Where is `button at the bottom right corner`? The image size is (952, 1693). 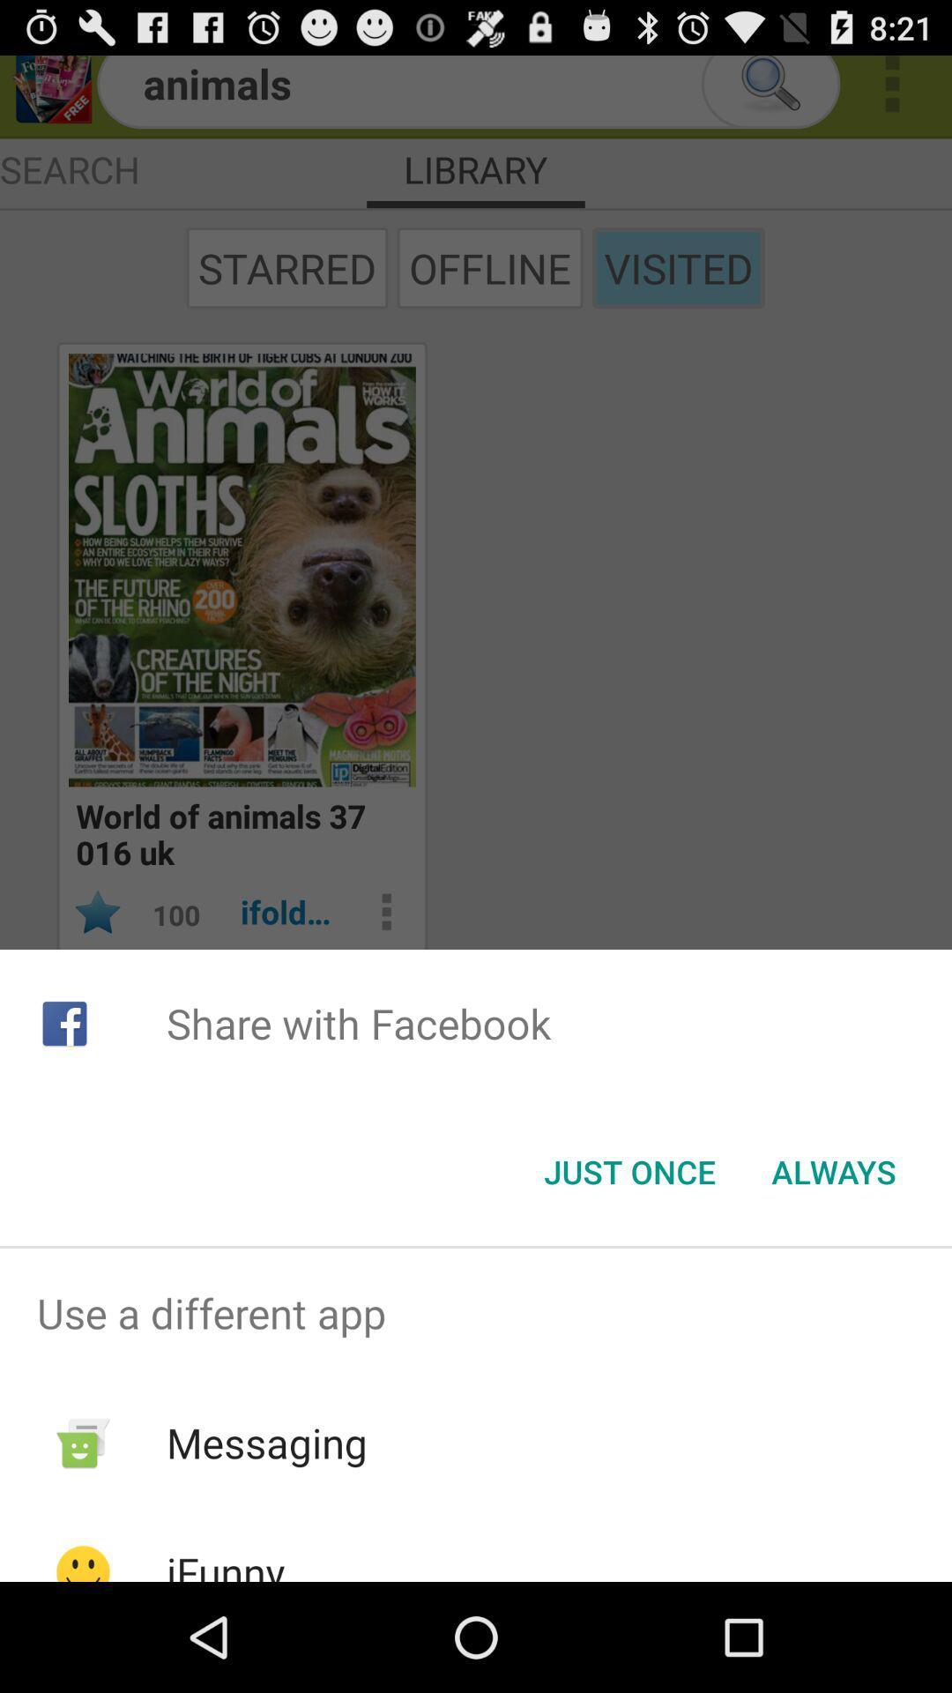
button at the bottom right corner is located at coordinates (833, 1172).